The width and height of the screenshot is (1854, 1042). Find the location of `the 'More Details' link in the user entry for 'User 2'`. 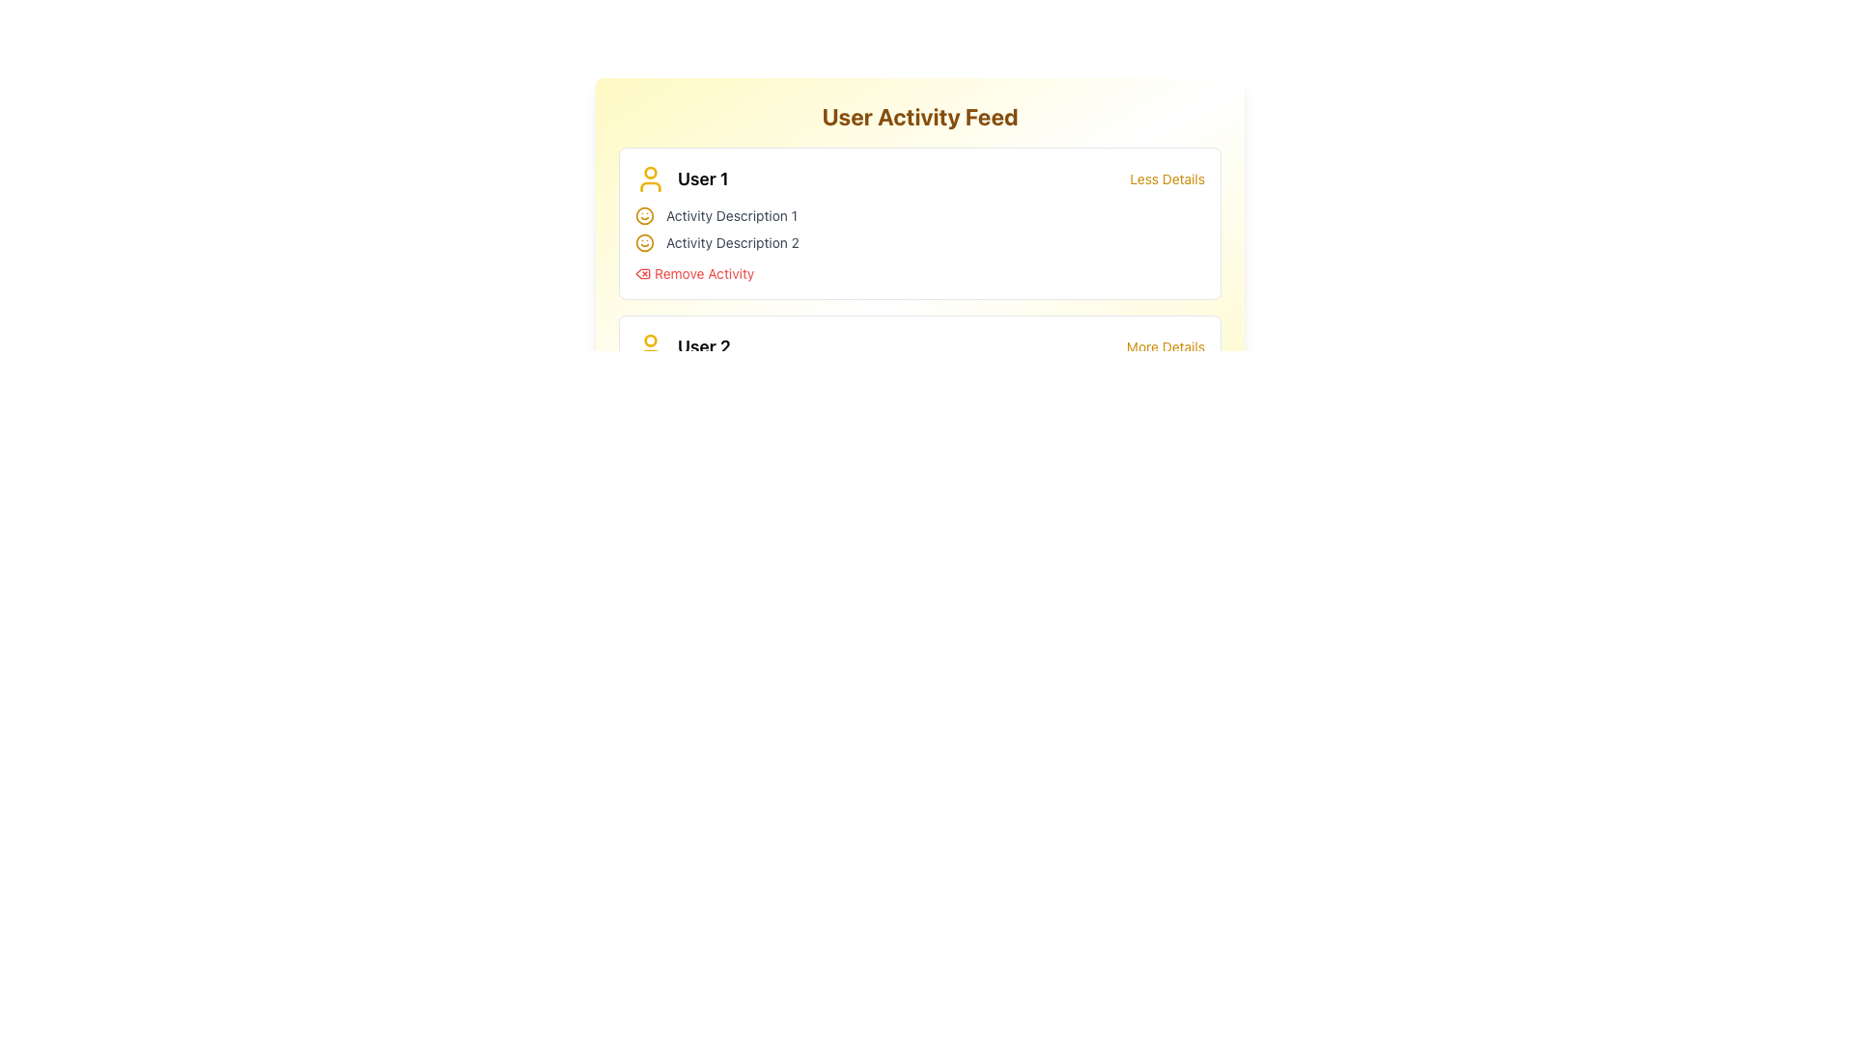

the 'More Details' link in the user entry for 'User 2' is located at coordinates (919, 345).